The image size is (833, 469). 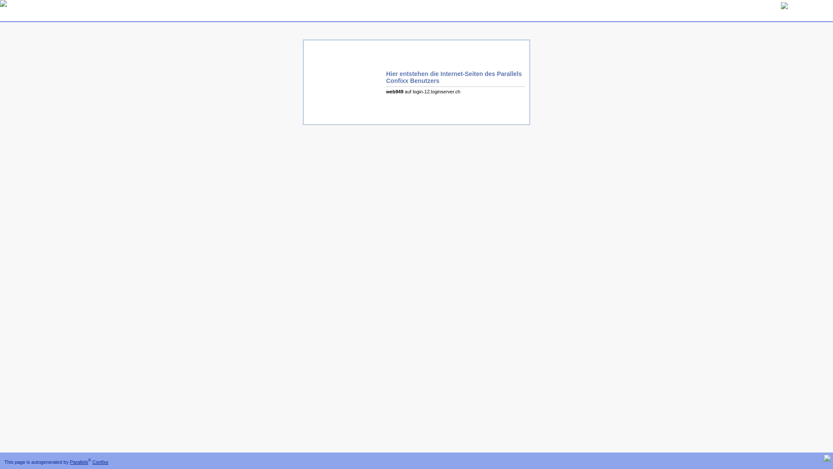 What do you see at coordinates (100, 462) in the screenshot?
I see `'Confixx'` at bounding box center [100, 462].